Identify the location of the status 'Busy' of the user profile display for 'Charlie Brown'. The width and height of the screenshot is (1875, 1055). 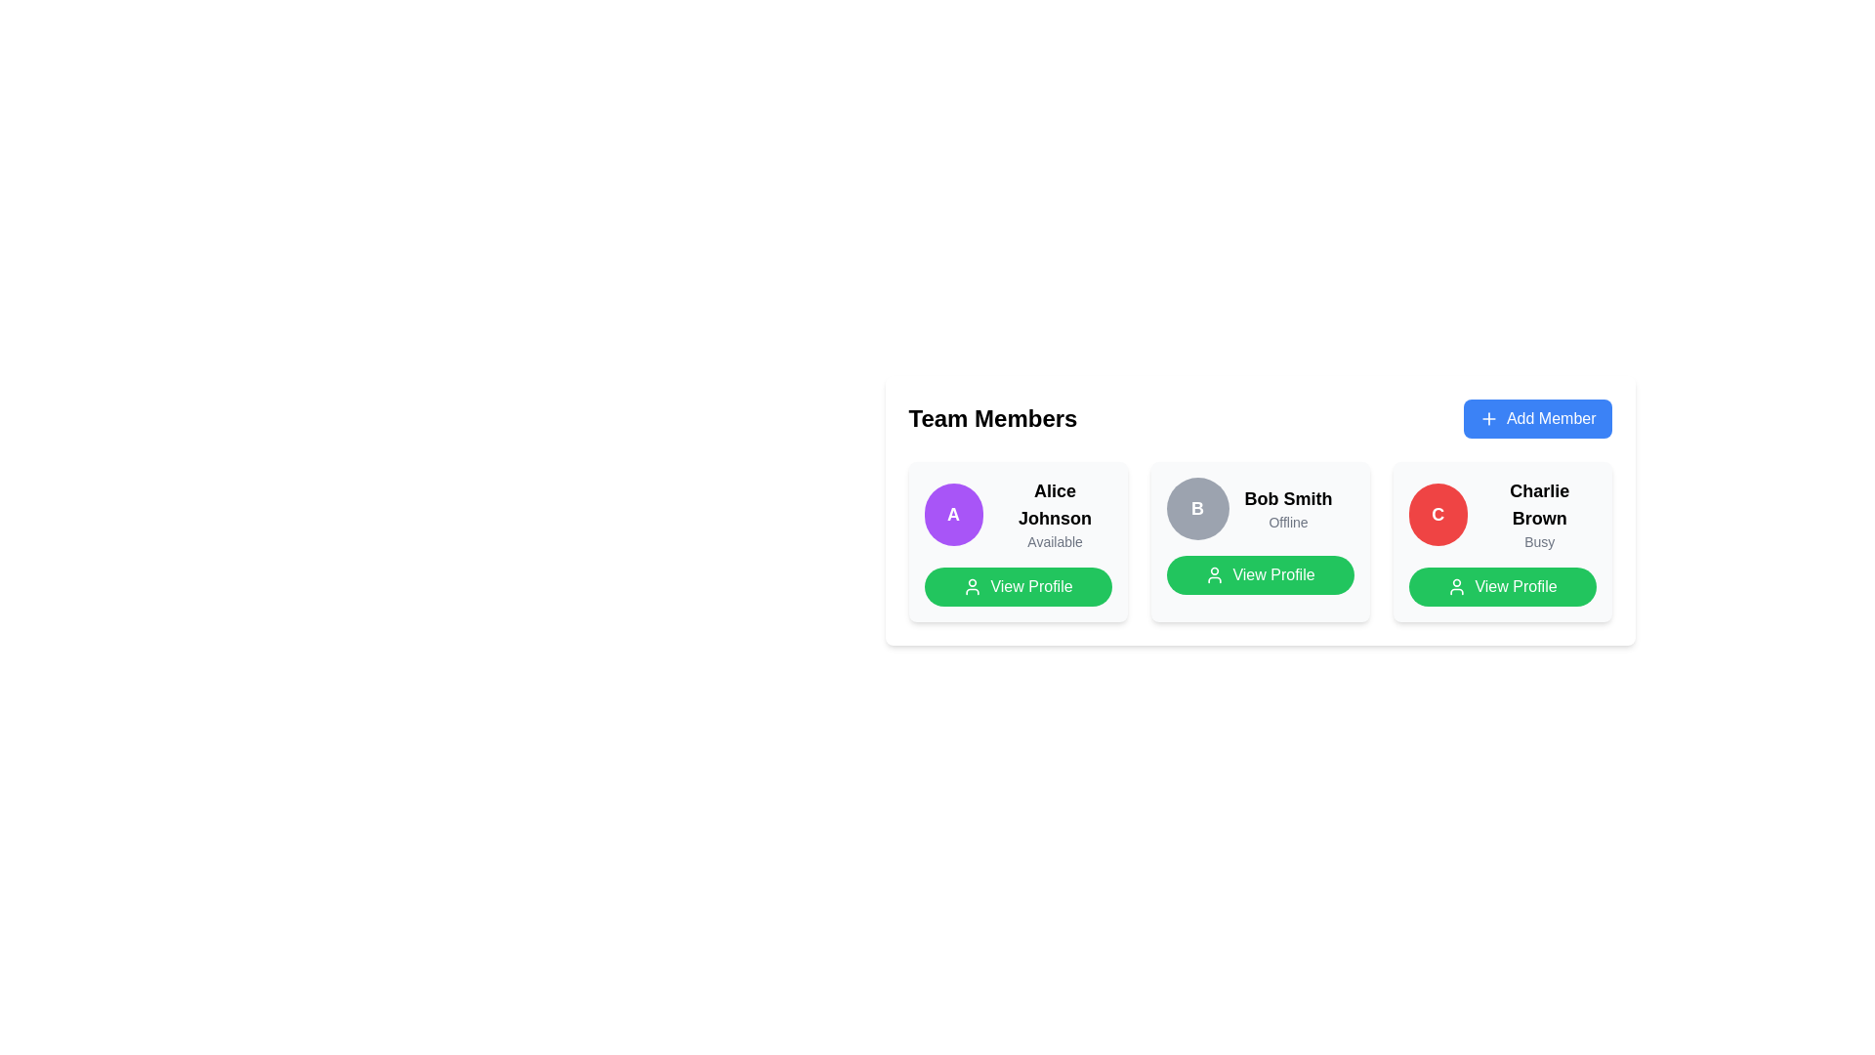
(1501, 514).